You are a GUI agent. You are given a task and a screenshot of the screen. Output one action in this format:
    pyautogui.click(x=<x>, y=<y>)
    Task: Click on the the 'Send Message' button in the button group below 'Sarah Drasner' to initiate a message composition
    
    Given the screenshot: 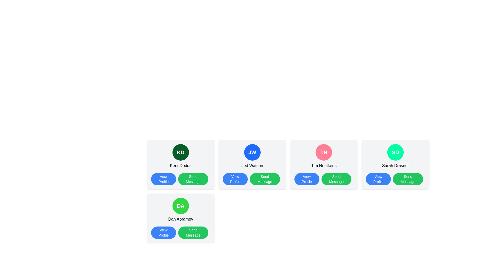 What is the action you would take?
    pyautogui.click(x=395, y=179)
    